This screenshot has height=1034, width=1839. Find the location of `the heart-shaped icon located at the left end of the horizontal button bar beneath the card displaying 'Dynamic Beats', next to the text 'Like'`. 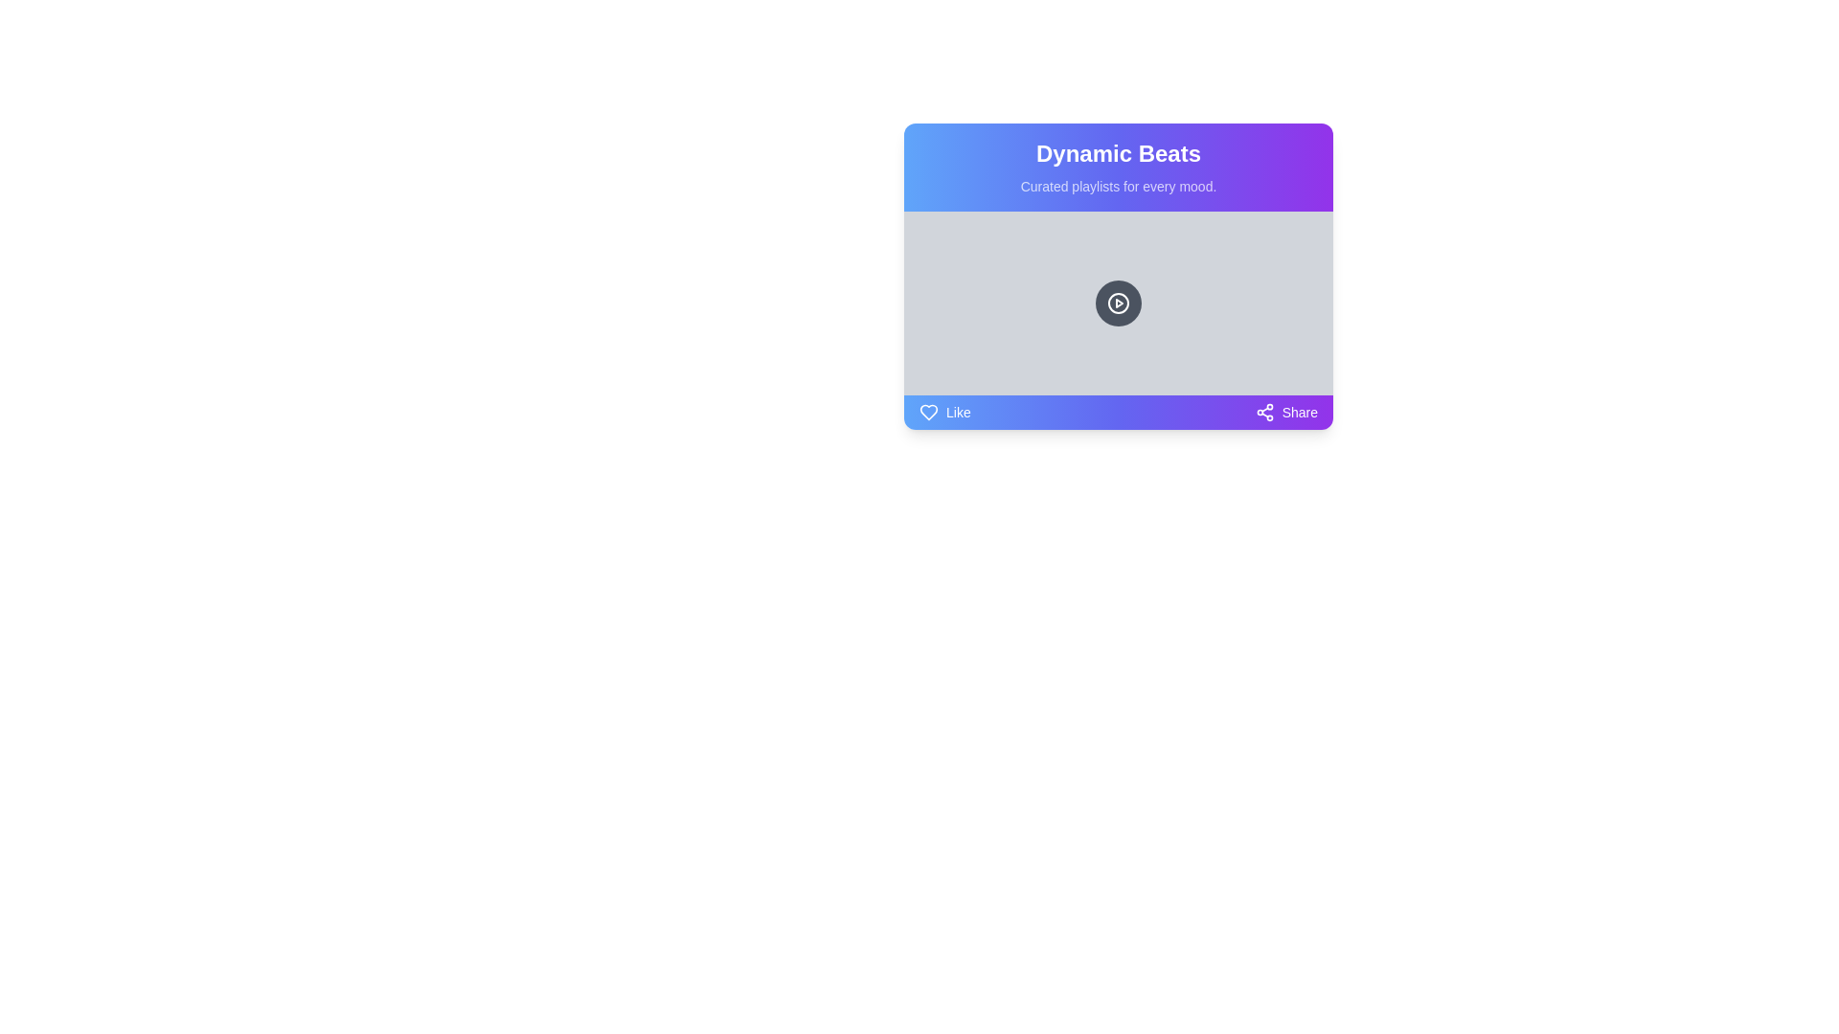

the heart-shaped icon located at the left end of the horizontal button bar beneath the card displaying 'Dynamic Beats', next to the text 'Like' is located at coordinates (928, 412).